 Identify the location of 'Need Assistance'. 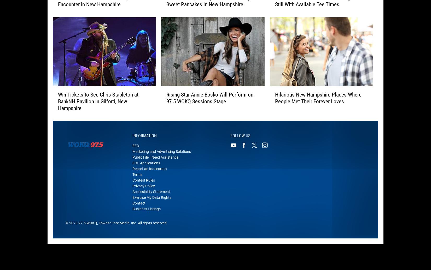
(165, 160).